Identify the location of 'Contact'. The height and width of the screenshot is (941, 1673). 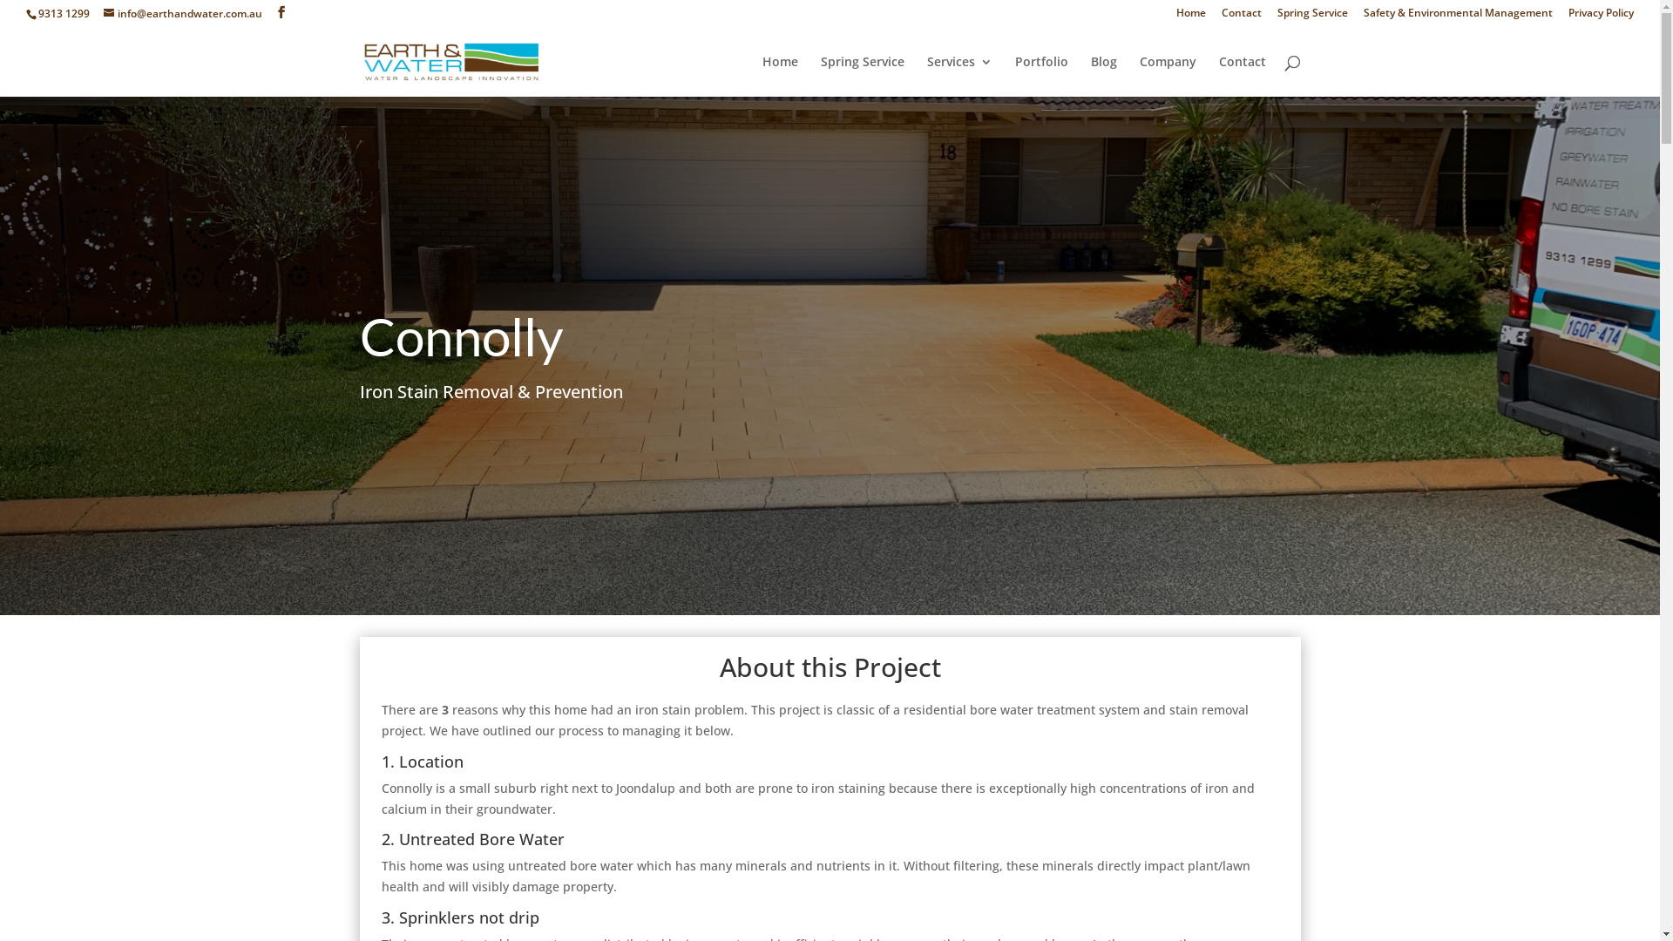
(1216, 75).